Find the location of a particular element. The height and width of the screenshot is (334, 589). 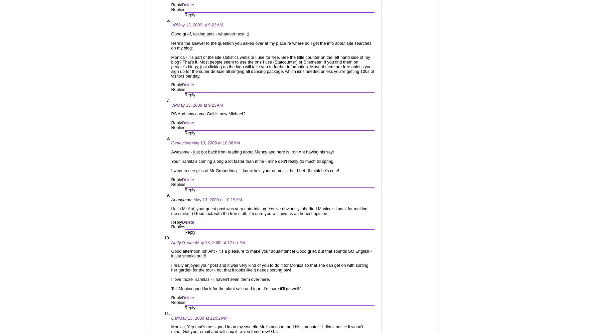

'May 13, 2009 at 12:05 PM' is located at coordinates (220, 242).